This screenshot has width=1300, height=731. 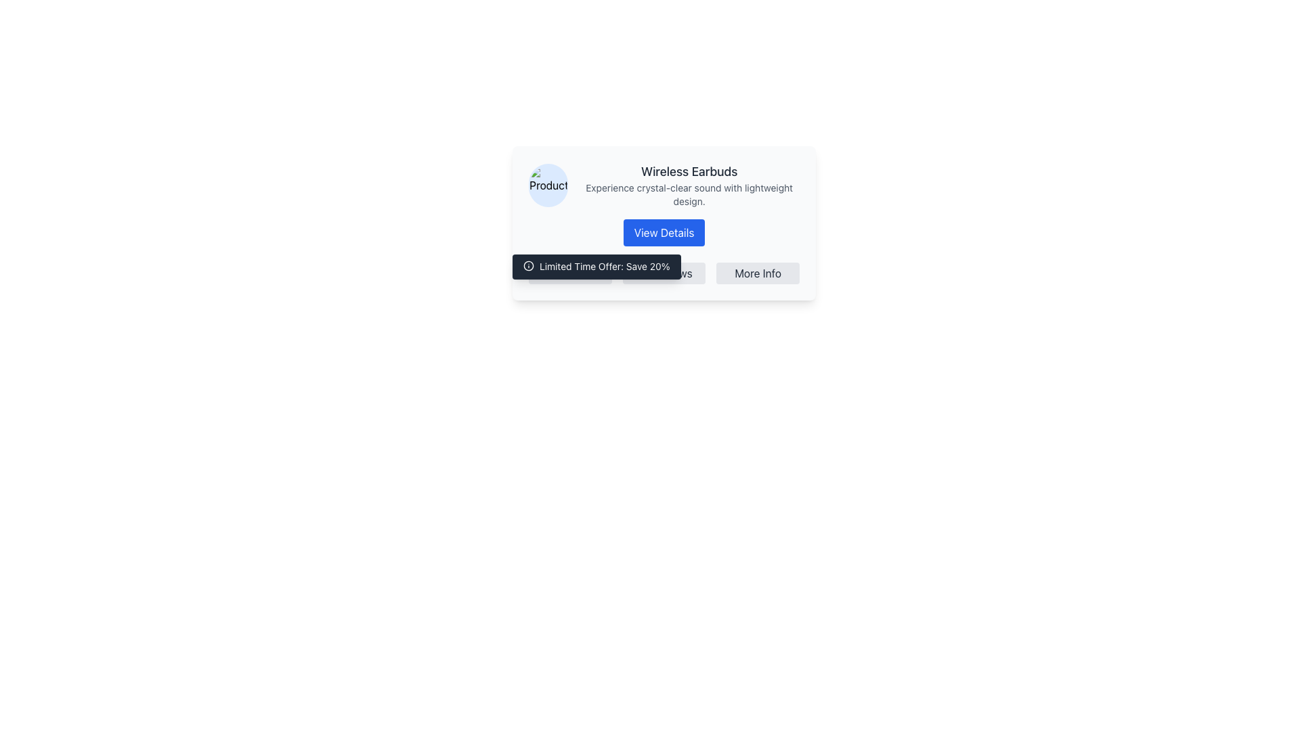 What do you see at coordinates (757, 273) in the screenshot?
I see `the text label located in the bottom-right corner of the product card` at bounding box center [757, 273].